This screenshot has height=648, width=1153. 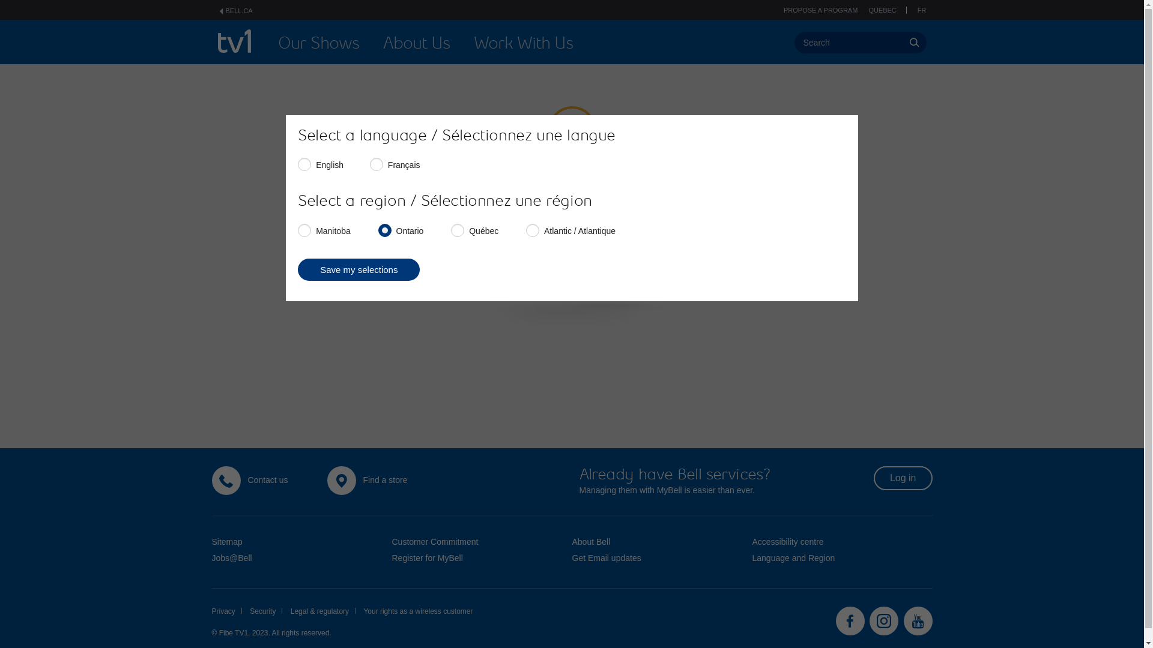 I want to click on 'PROPOSE A PROGRAM', so click(x=820, y=10).